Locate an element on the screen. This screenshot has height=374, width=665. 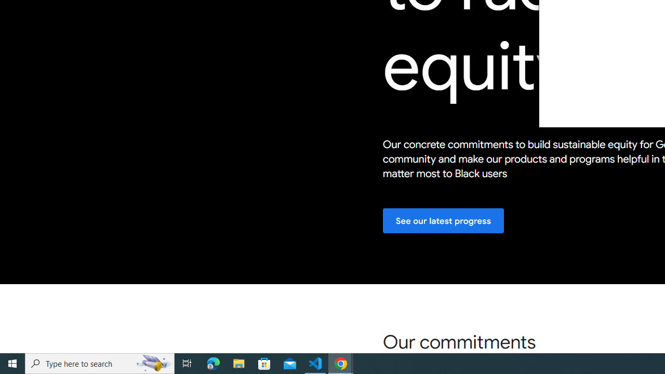
'See our latest progress' is located at coordinates (443, 220).